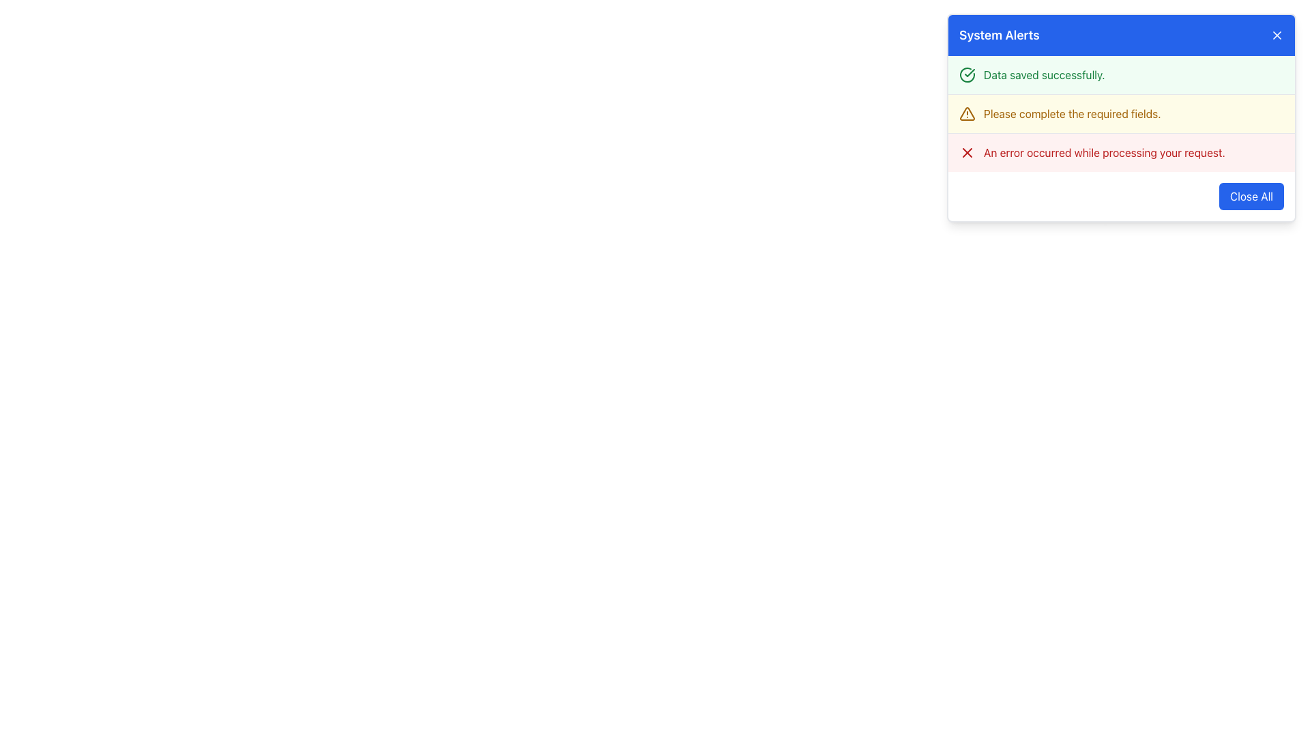  What do you see at coordinates (966, 152) in the screenshot?
I see `the diagonal cross icon in the close button of the System Alerts panel` at bounding box center [966, 152].